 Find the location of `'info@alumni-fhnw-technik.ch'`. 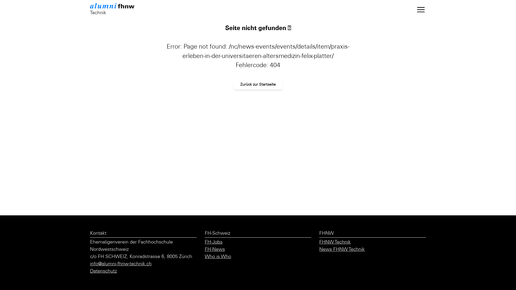

'info@alumni-fhnw-technik.ch' is located at coordinates (90, 264).